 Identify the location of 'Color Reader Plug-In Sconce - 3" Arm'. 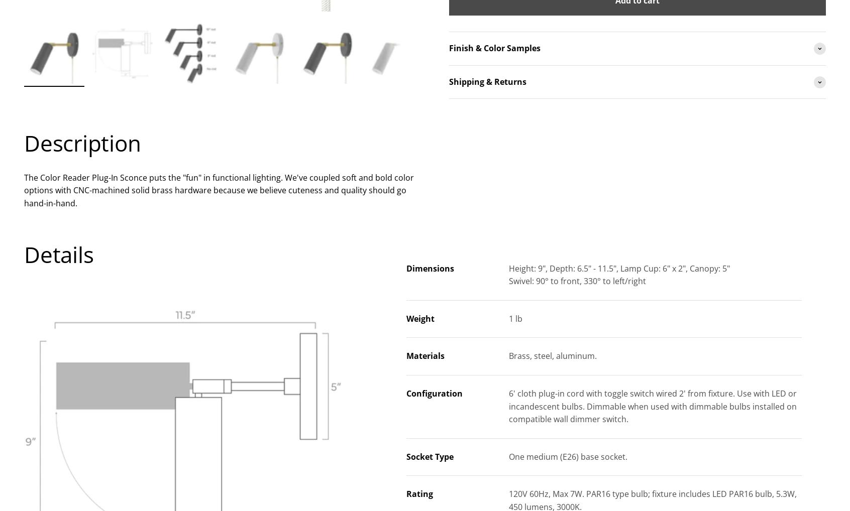
(694, 449).